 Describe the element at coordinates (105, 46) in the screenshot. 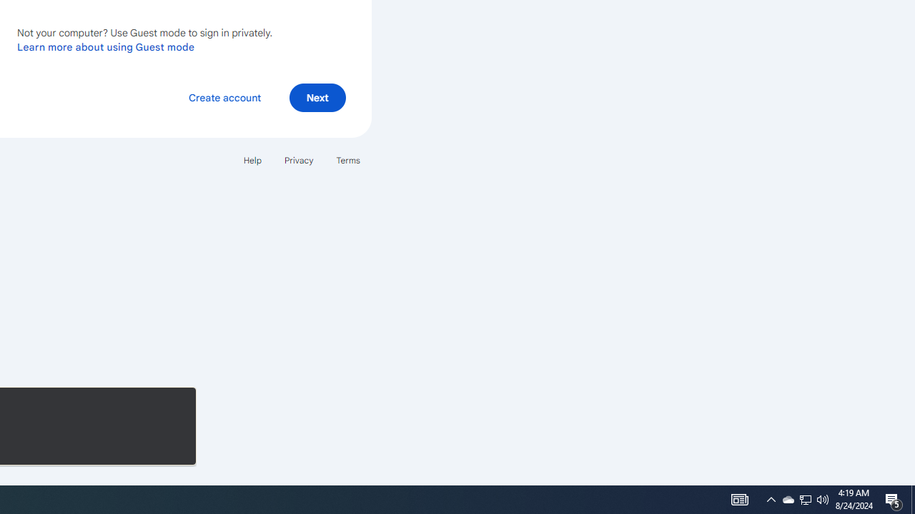

I see `'Learn more about using Guest mode'` at that location.